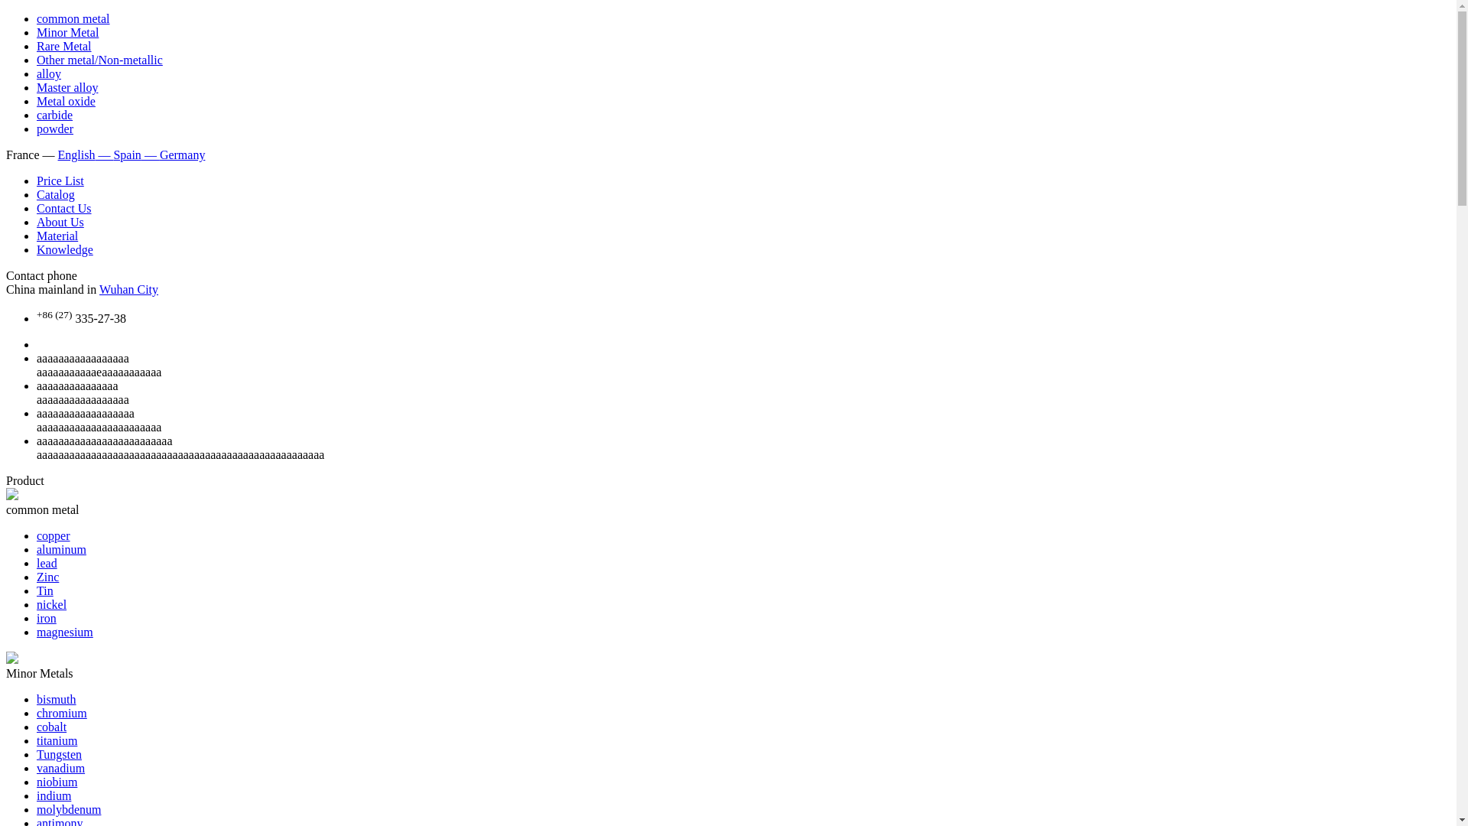  Describe the element at coordinates (47, 563) in the screenshot. I see `'lead'` at that location.